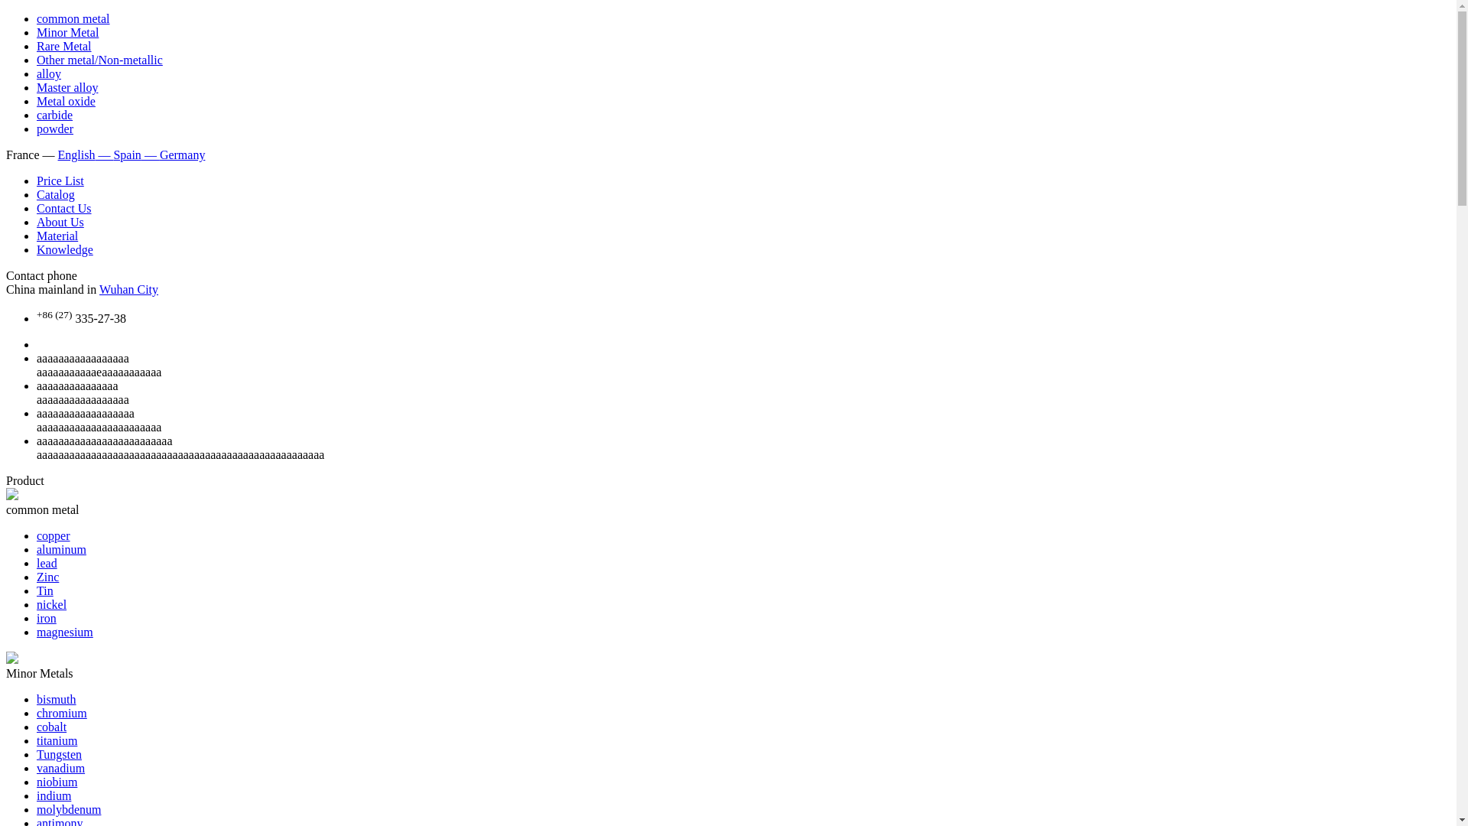  Describe the element at coordinates (47, 563) in the screenshot. I see `'lead'` at that location.